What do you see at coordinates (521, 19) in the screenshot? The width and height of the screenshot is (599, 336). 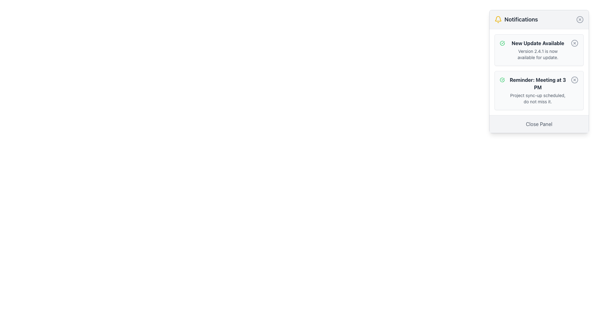 I see `the 'Notifications' text element, which is styled in bold gray and serves as the header for the notification panel, located to the right of a bell icon` at bounding box center [521, 19].